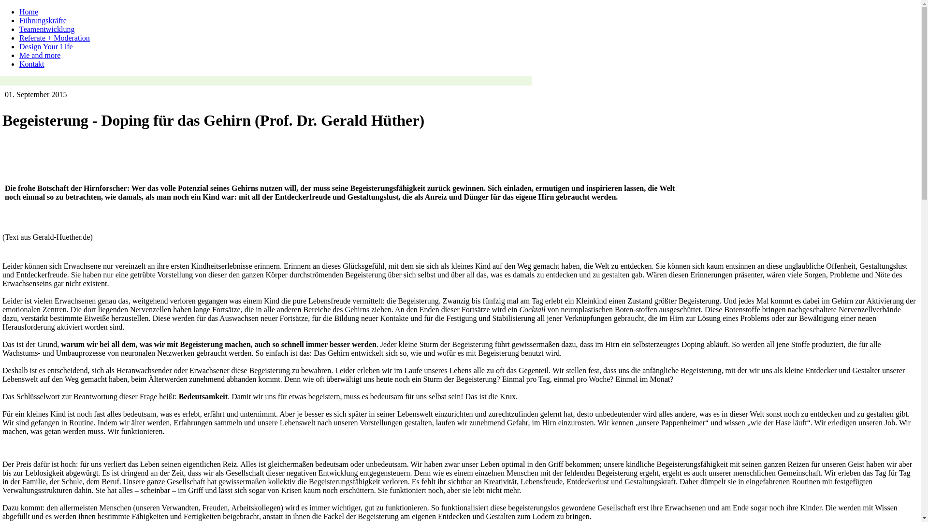 The width and height of the screenshot is (928, 522). Describe the element at coordinates (45, 46) in the screenshot. I see `'Design Your Life'` at that location.